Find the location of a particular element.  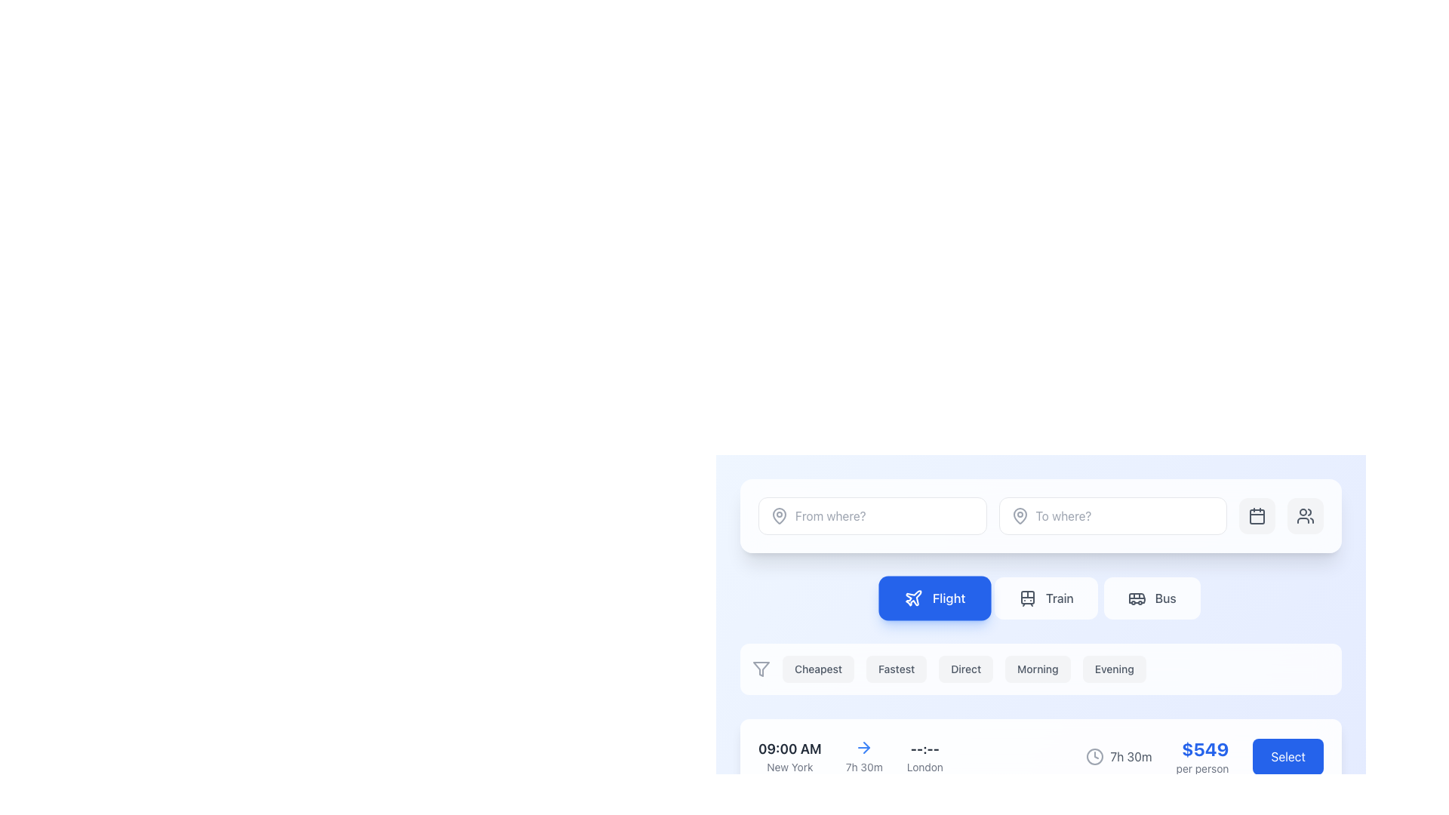

the 'Train' button, which is the second button in a row of three is located at coordinates (1045, 598).